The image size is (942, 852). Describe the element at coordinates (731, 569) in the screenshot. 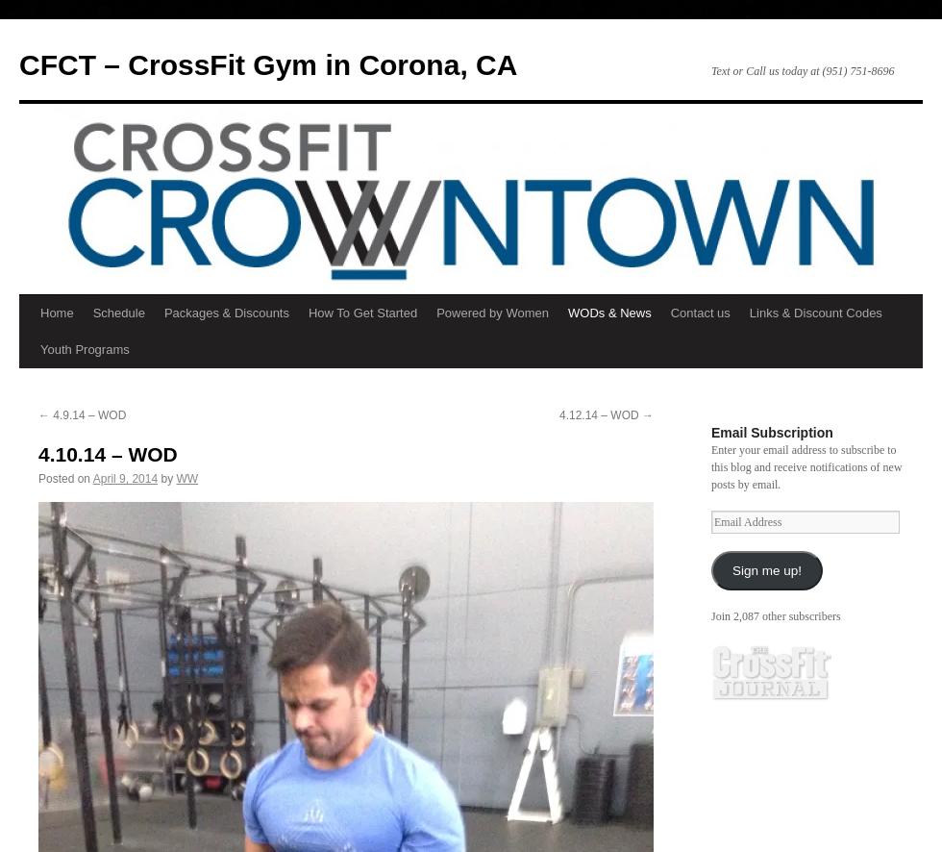

I see `'Sign me up!'` at that location.